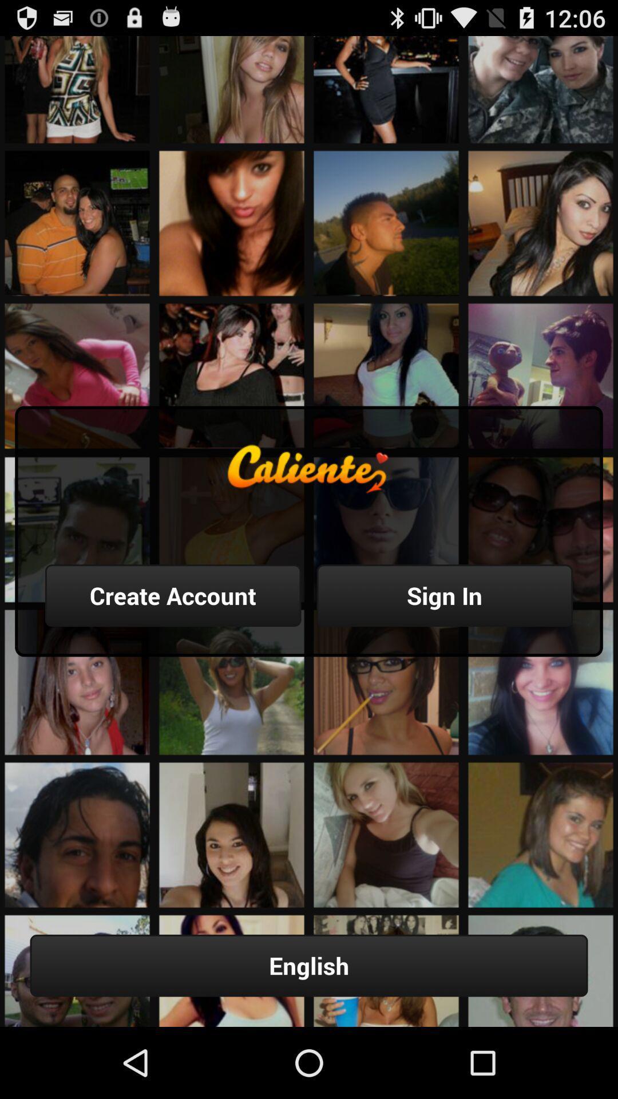 The width and height of the screenshot is (618, 1099). I want to click on the english icon, so click(309, 965).